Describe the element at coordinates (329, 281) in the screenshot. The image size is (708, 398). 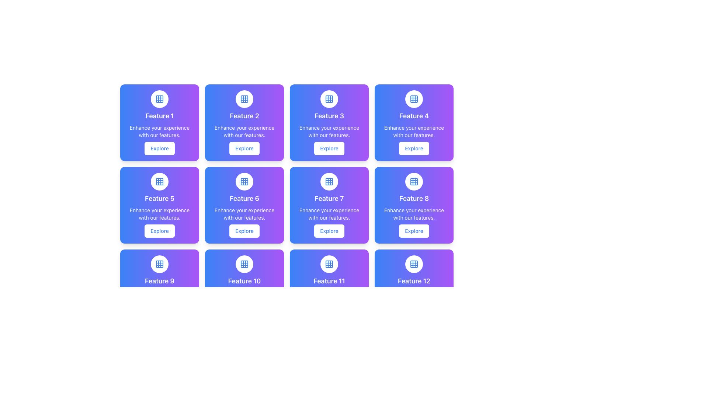
I see `the 'Feature 11' text element which is styled in bold with a larger font size, located in the sixth row and third column of a grid layout within a card component` at that location.